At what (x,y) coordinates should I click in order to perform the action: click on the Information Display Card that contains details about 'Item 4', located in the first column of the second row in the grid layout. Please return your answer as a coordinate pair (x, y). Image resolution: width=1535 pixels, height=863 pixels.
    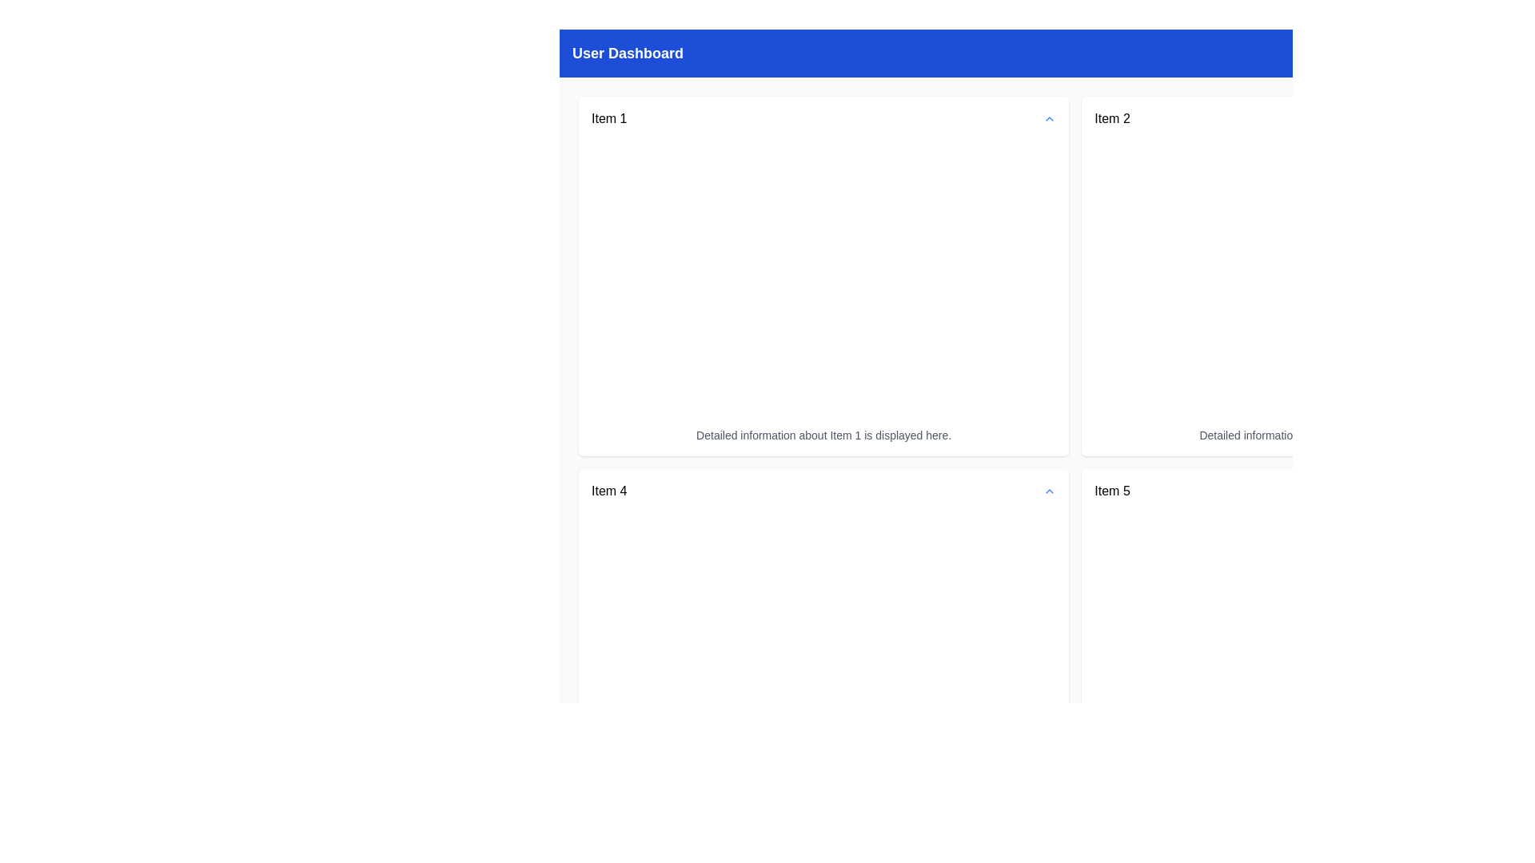
    Looking at the image, I should click on (823, 649).